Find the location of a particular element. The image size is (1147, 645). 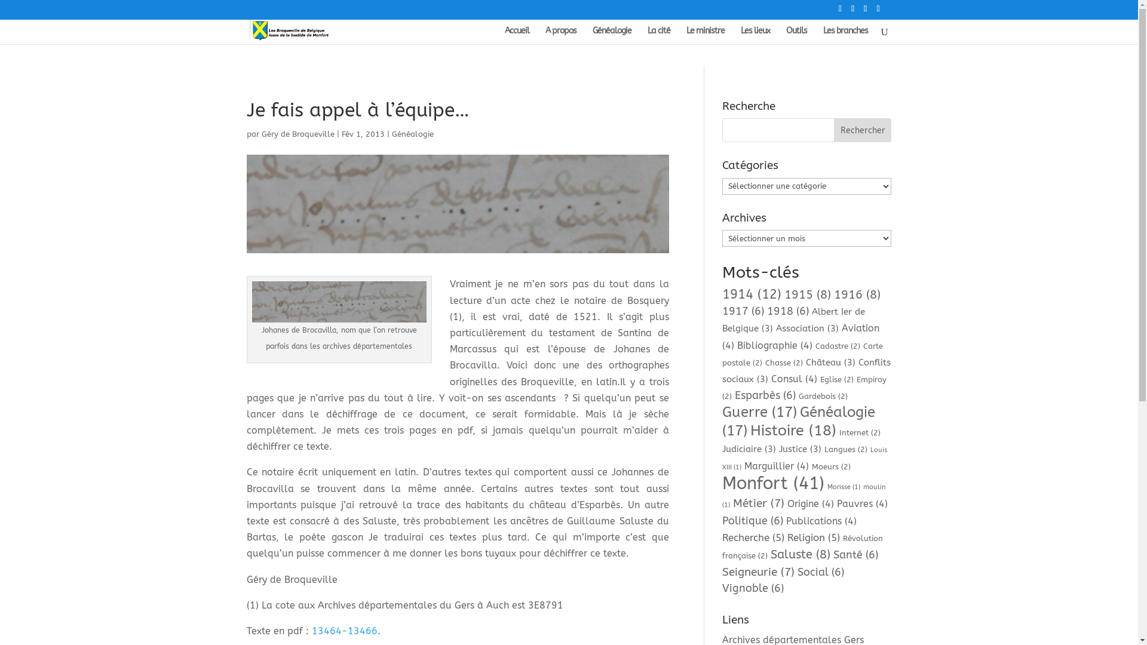

'Marguillier (4)' is located at coordinates (777, 465).